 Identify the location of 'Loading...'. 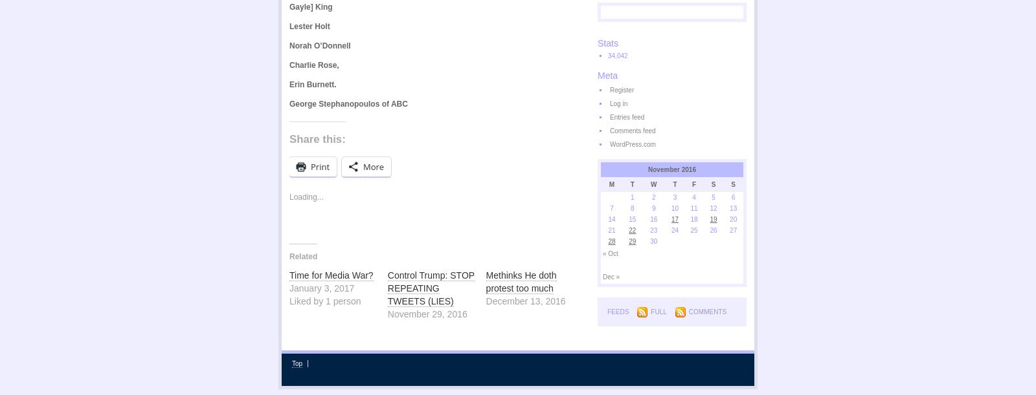
(305, 196).